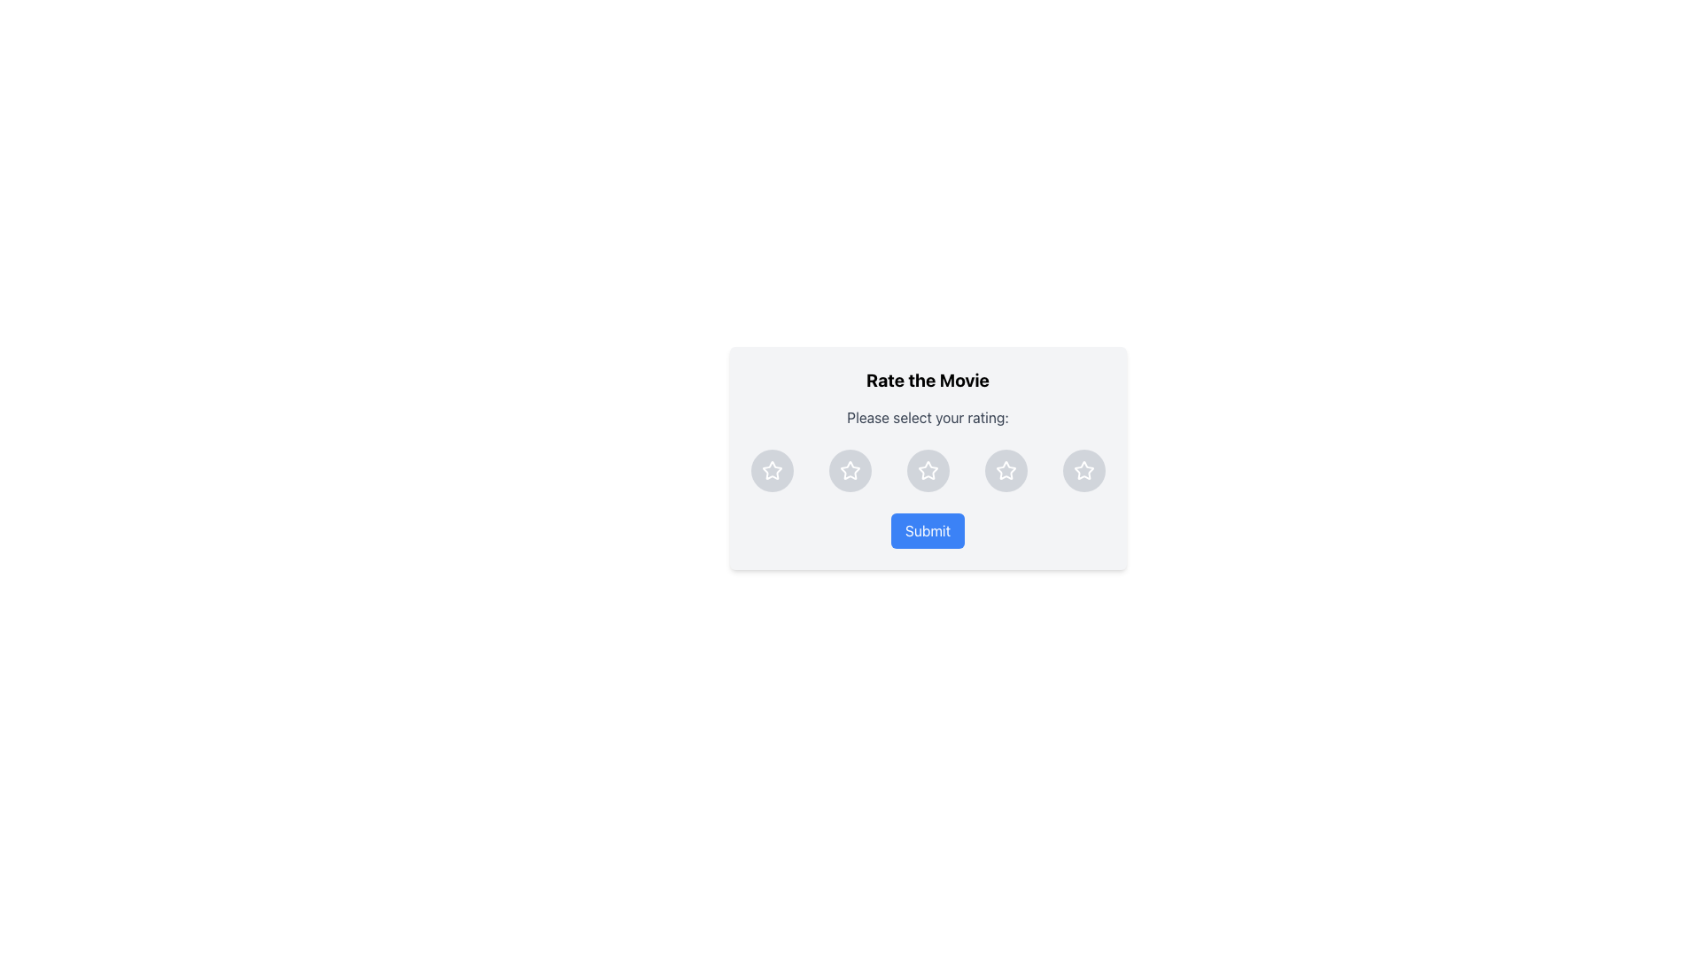 This screenshot has width=1701, height=956. What do you see at coordinates (927, 470) in the screenshot?
I see `the third rating button in the five-level rating system to trigger the scale effect` at bounding box center [927, 470].